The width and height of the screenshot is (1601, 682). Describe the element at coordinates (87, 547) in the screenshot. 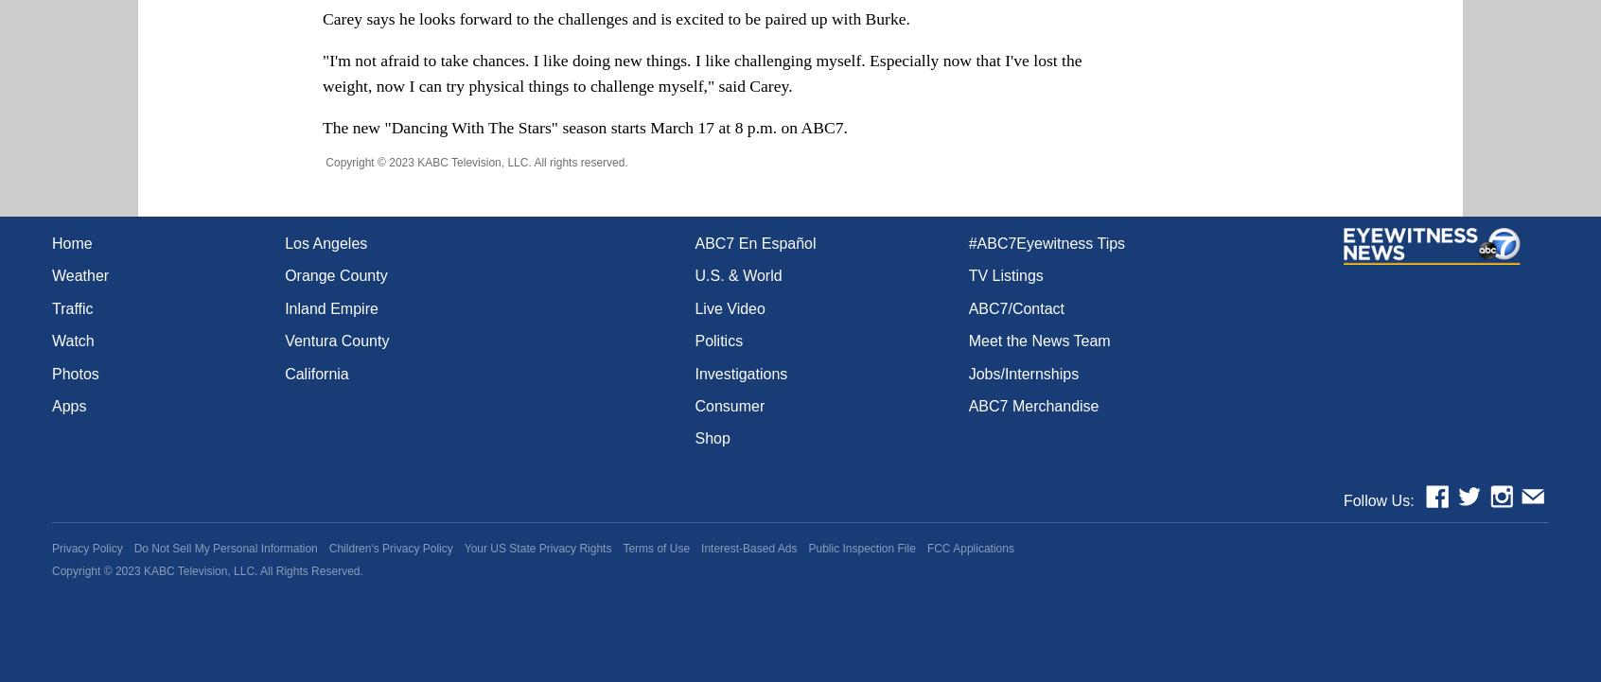

I see `'Privacy Policy'` at that location.